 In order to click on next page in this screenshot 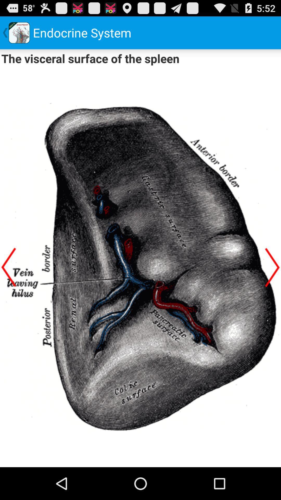, I will do `click(272, 267)`.